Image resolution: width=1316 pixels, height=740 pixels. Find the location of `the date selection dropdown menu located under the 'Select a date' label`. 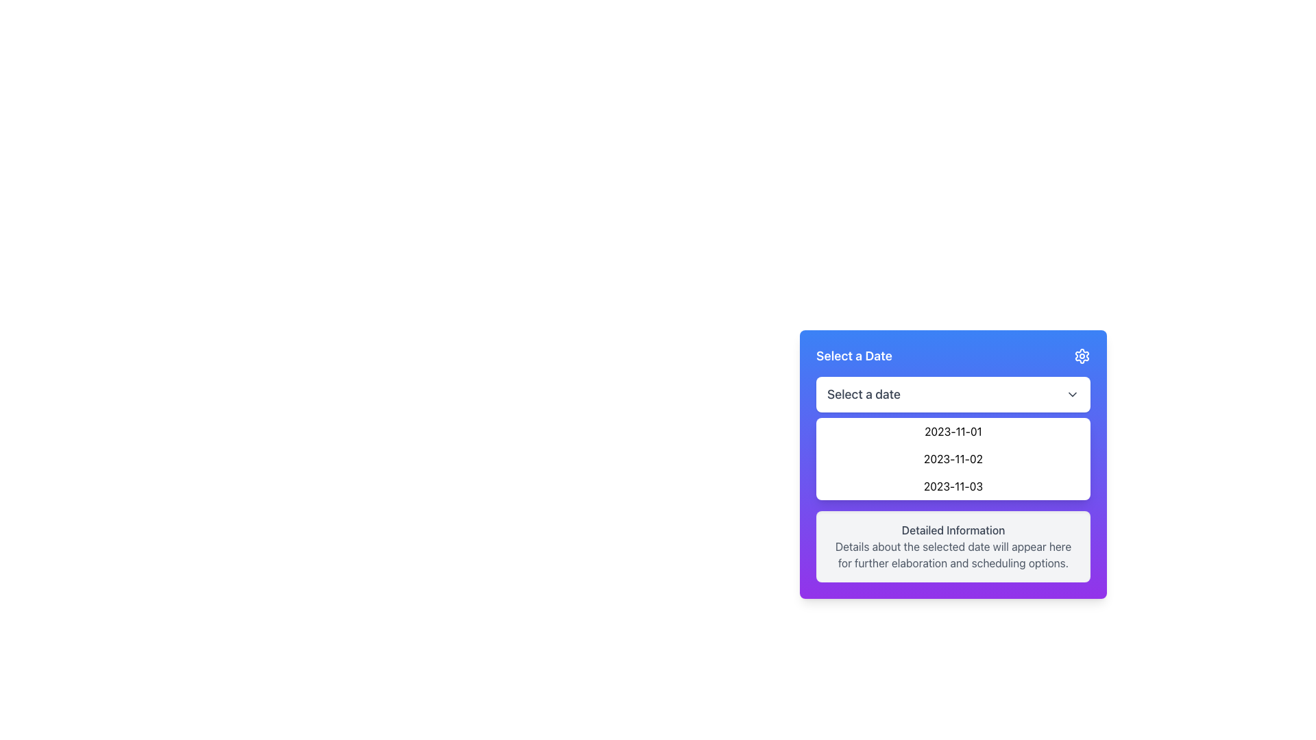

the date selection dropdown menu located under the 'Select a date' label is located at coordinates (953, 459).